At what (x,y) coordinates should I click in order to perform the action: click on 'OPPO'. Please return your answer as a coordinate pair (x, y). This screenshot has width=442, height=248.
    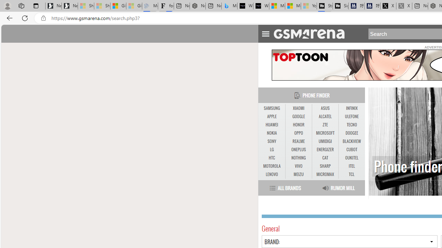
    Looking at the image, I should click on (298, 133).